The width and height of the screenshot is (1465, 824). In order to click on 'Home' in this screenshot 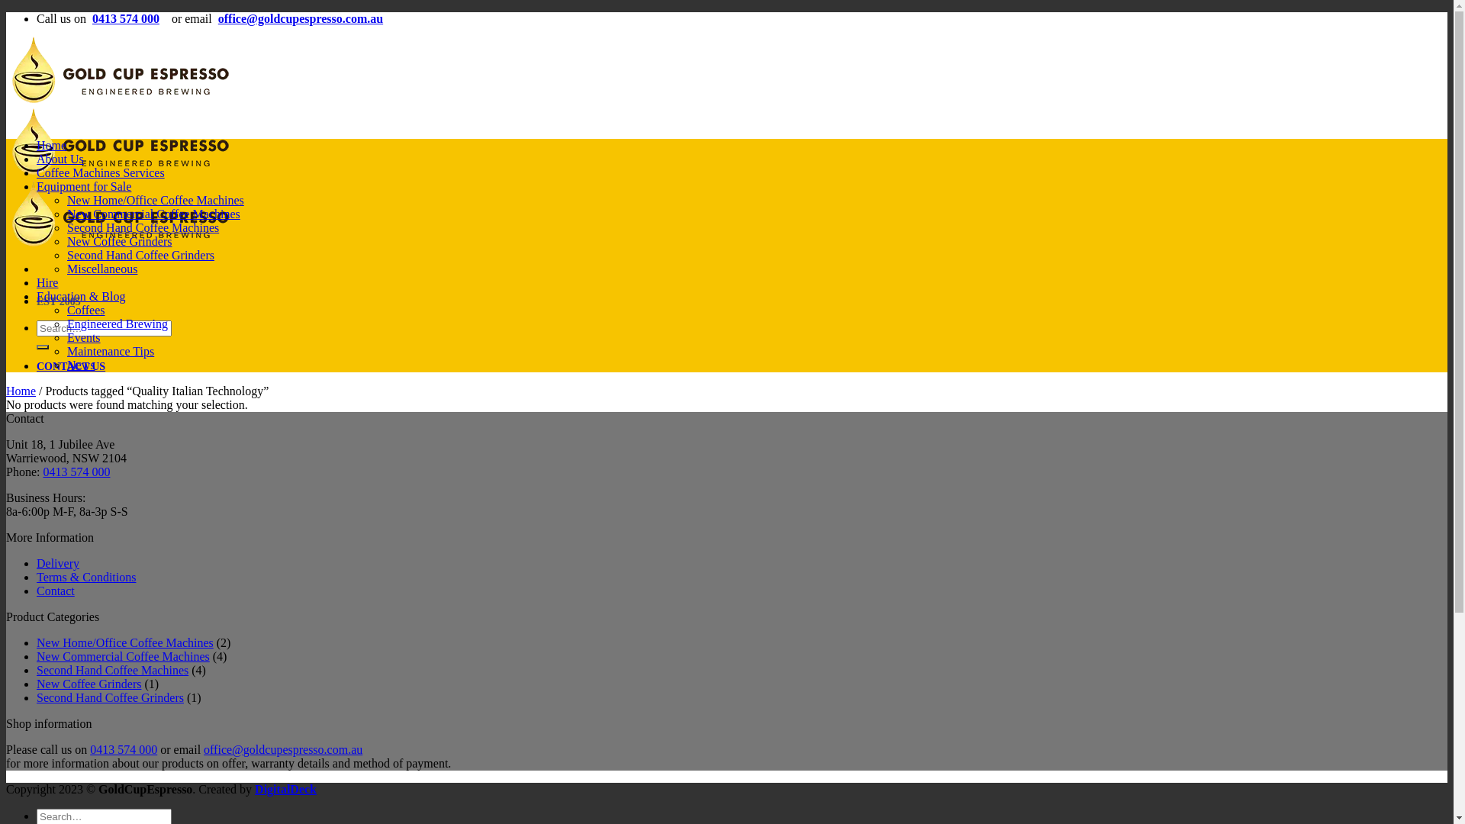, I will do `click(21, 390)`.